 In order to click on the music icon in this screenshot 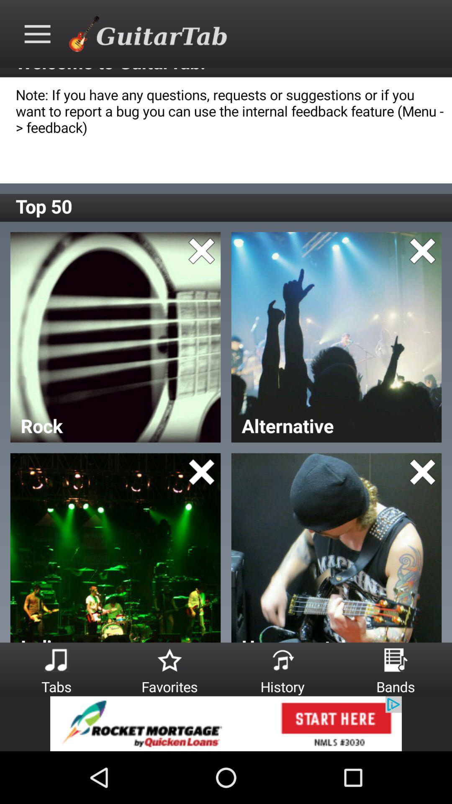, I will do `click(56, 660)`.